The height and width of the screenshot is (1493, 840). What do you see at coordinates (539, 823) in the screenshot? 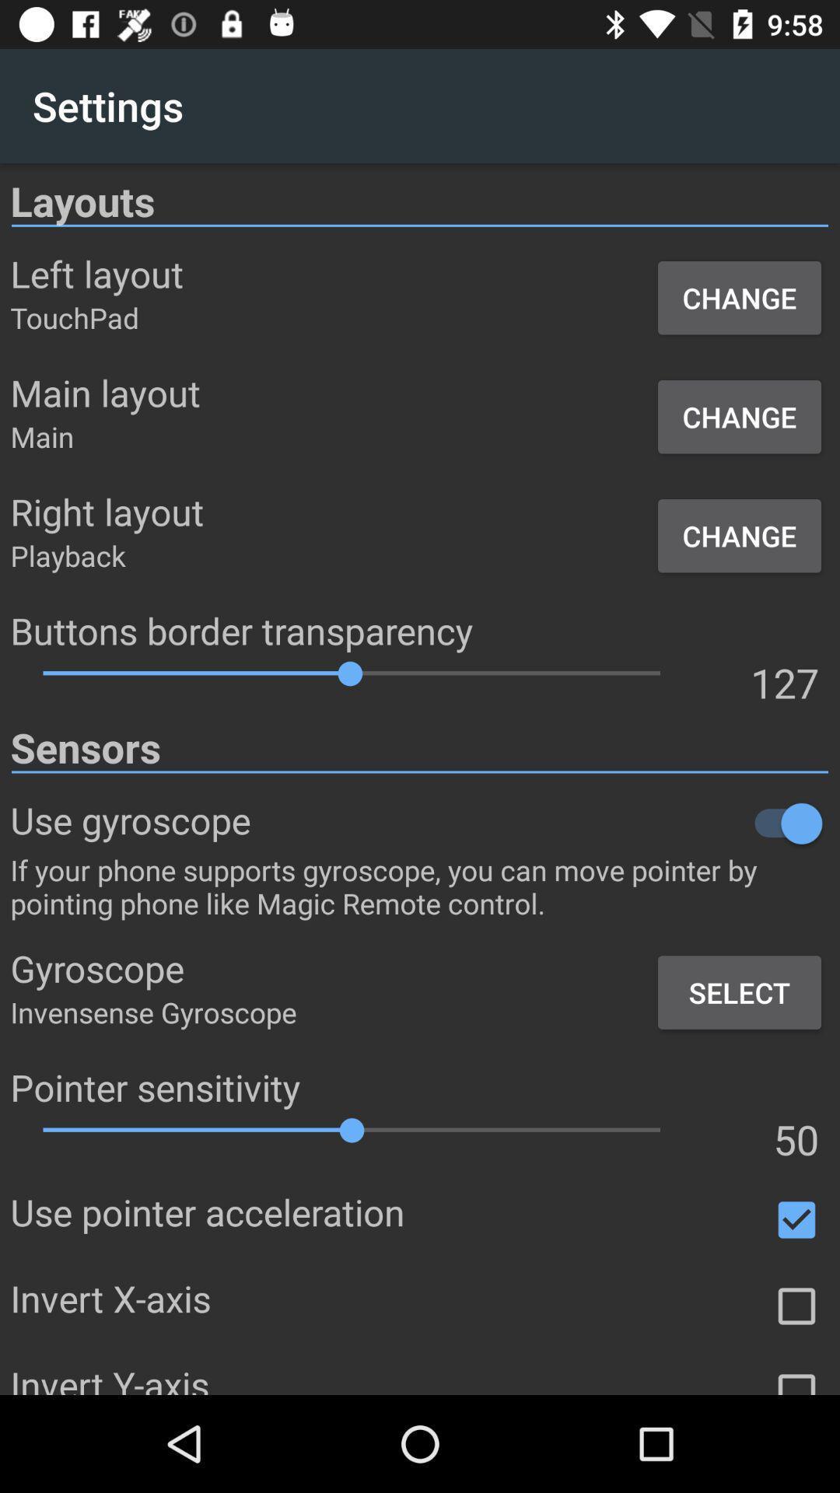
I see `slide off` at bounding box center [539, 823].